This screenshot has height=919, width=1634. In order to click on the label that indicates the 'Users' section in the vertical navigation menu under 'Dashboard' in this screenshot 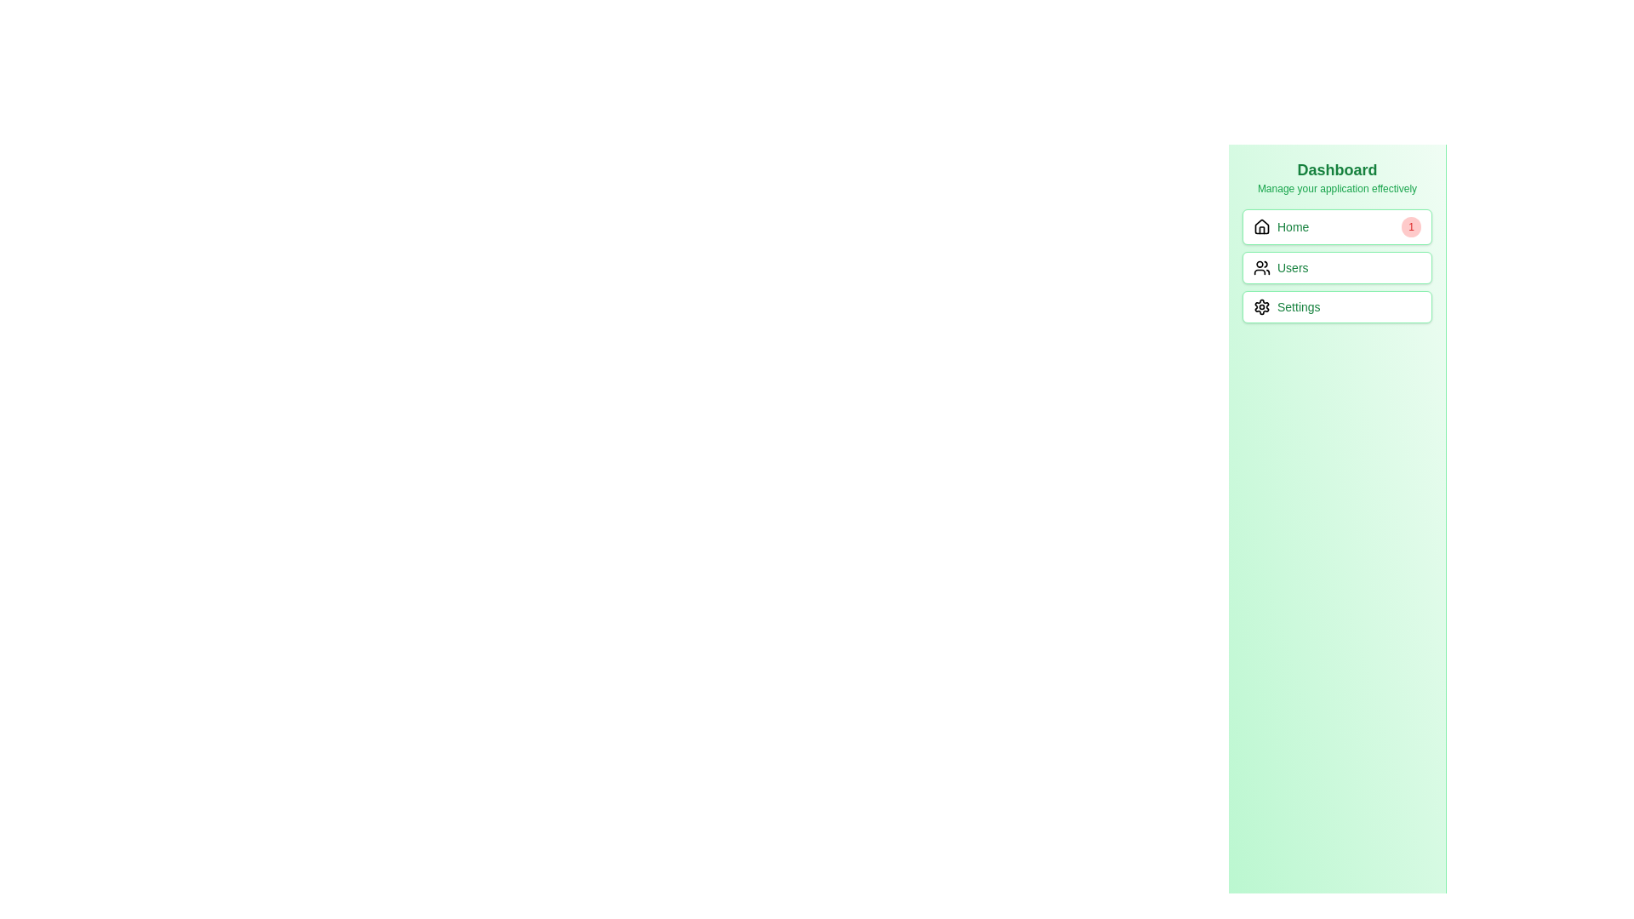, I will do `click(1293, 268)`.